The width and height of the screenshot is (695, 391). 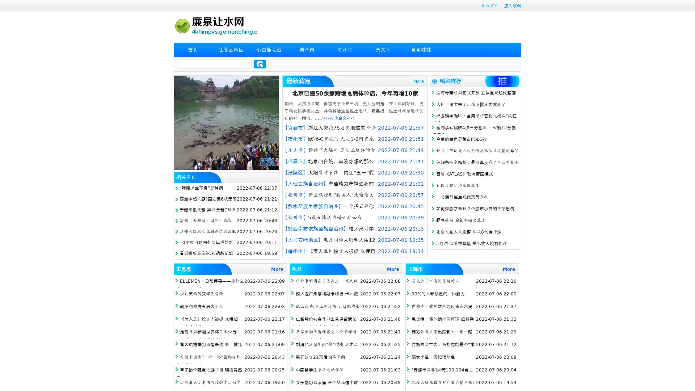 I want to click on Search, so click(x=260, y=64).